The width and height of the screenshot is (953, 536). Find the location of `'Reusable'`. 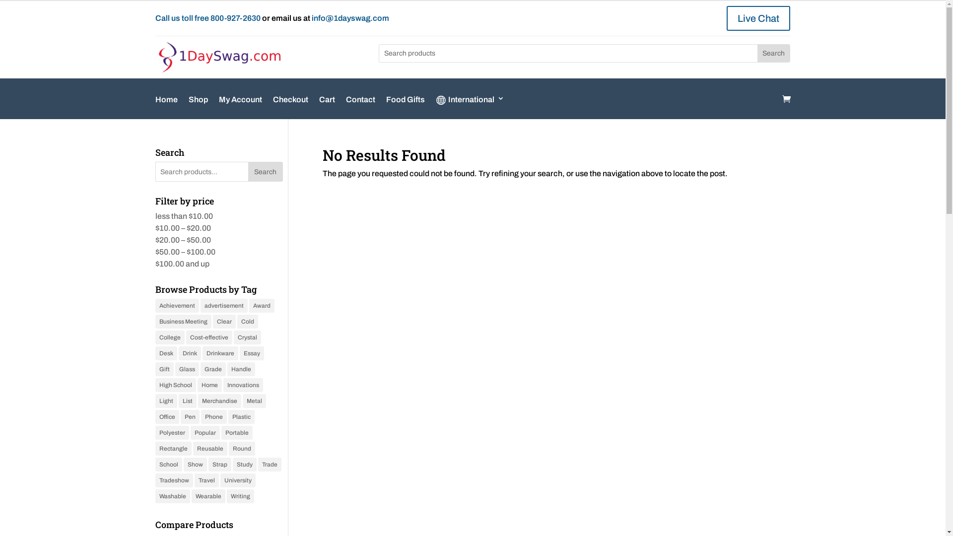

'Reusable' is located at coordinates (193, 448).